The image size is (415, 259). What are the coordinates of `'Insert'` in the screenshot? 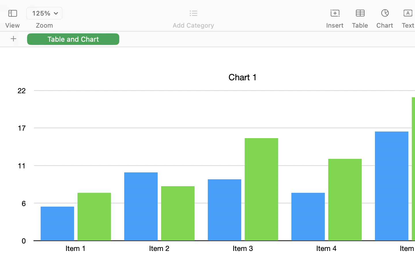 It's located at (335, 25).